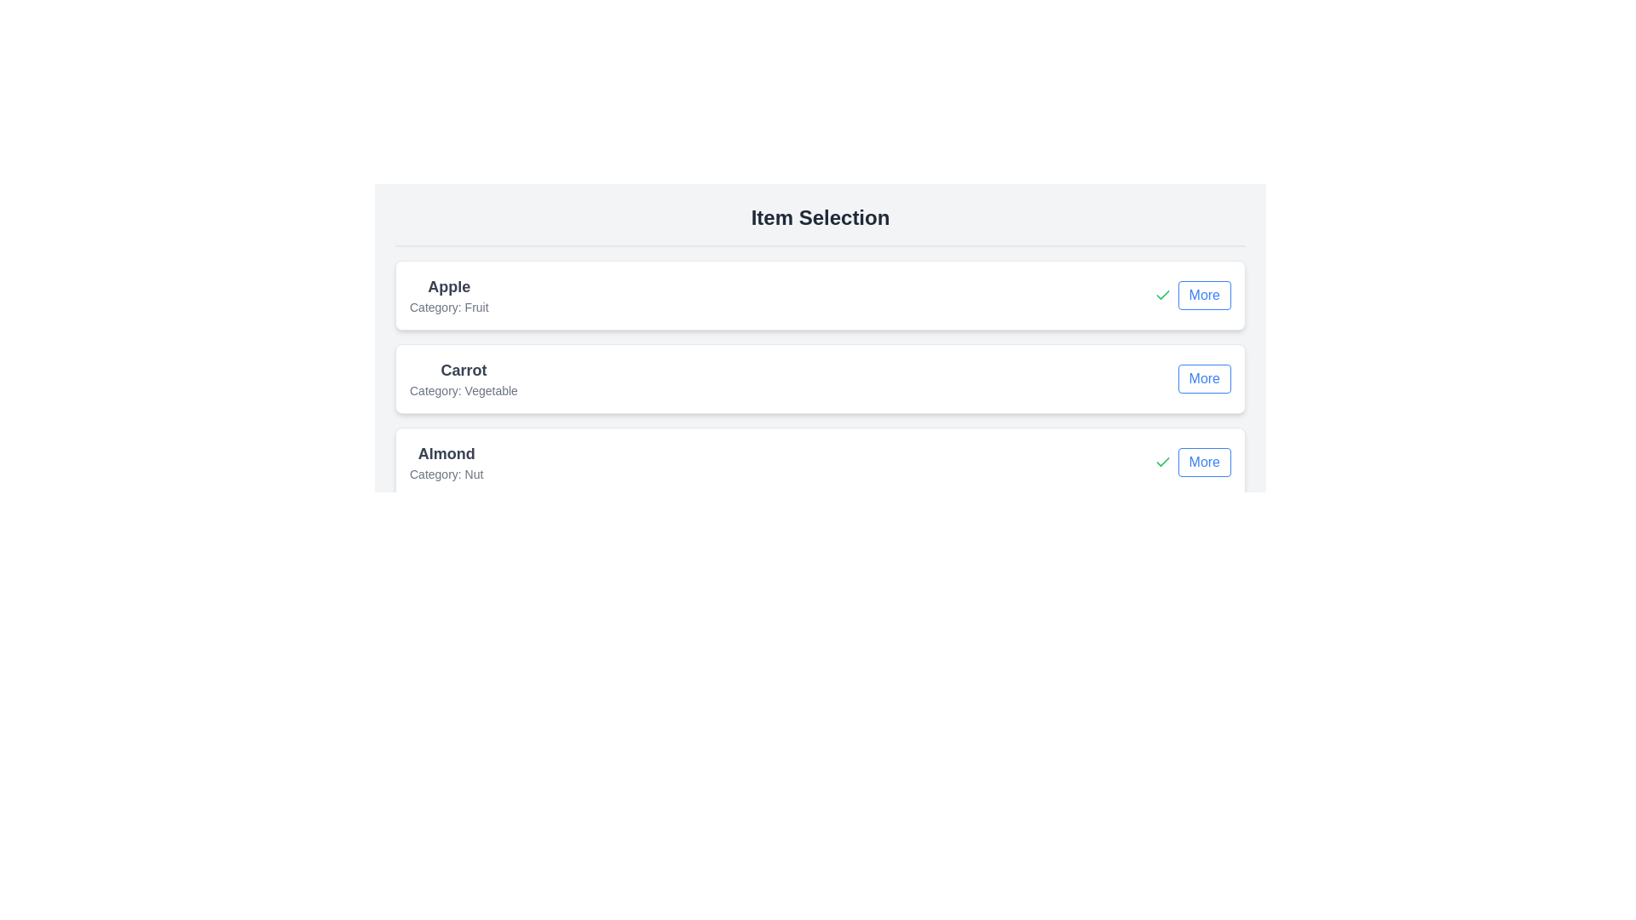 Image resolution: width=1636 pixels, height=920 pixels. What do you see at coordinates (1191, 295) in the screenshot?
I see `the button that facilitates navigation or accessing additional information about the top entry labeled 'Apple' in the list of items, positioned to the right of 'Category: Fruit'` at bounding box center [1191, 295].